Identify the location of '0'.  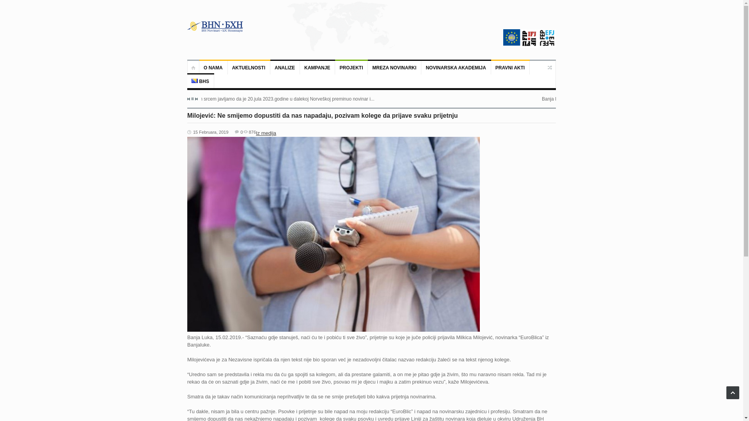
(234, 132).